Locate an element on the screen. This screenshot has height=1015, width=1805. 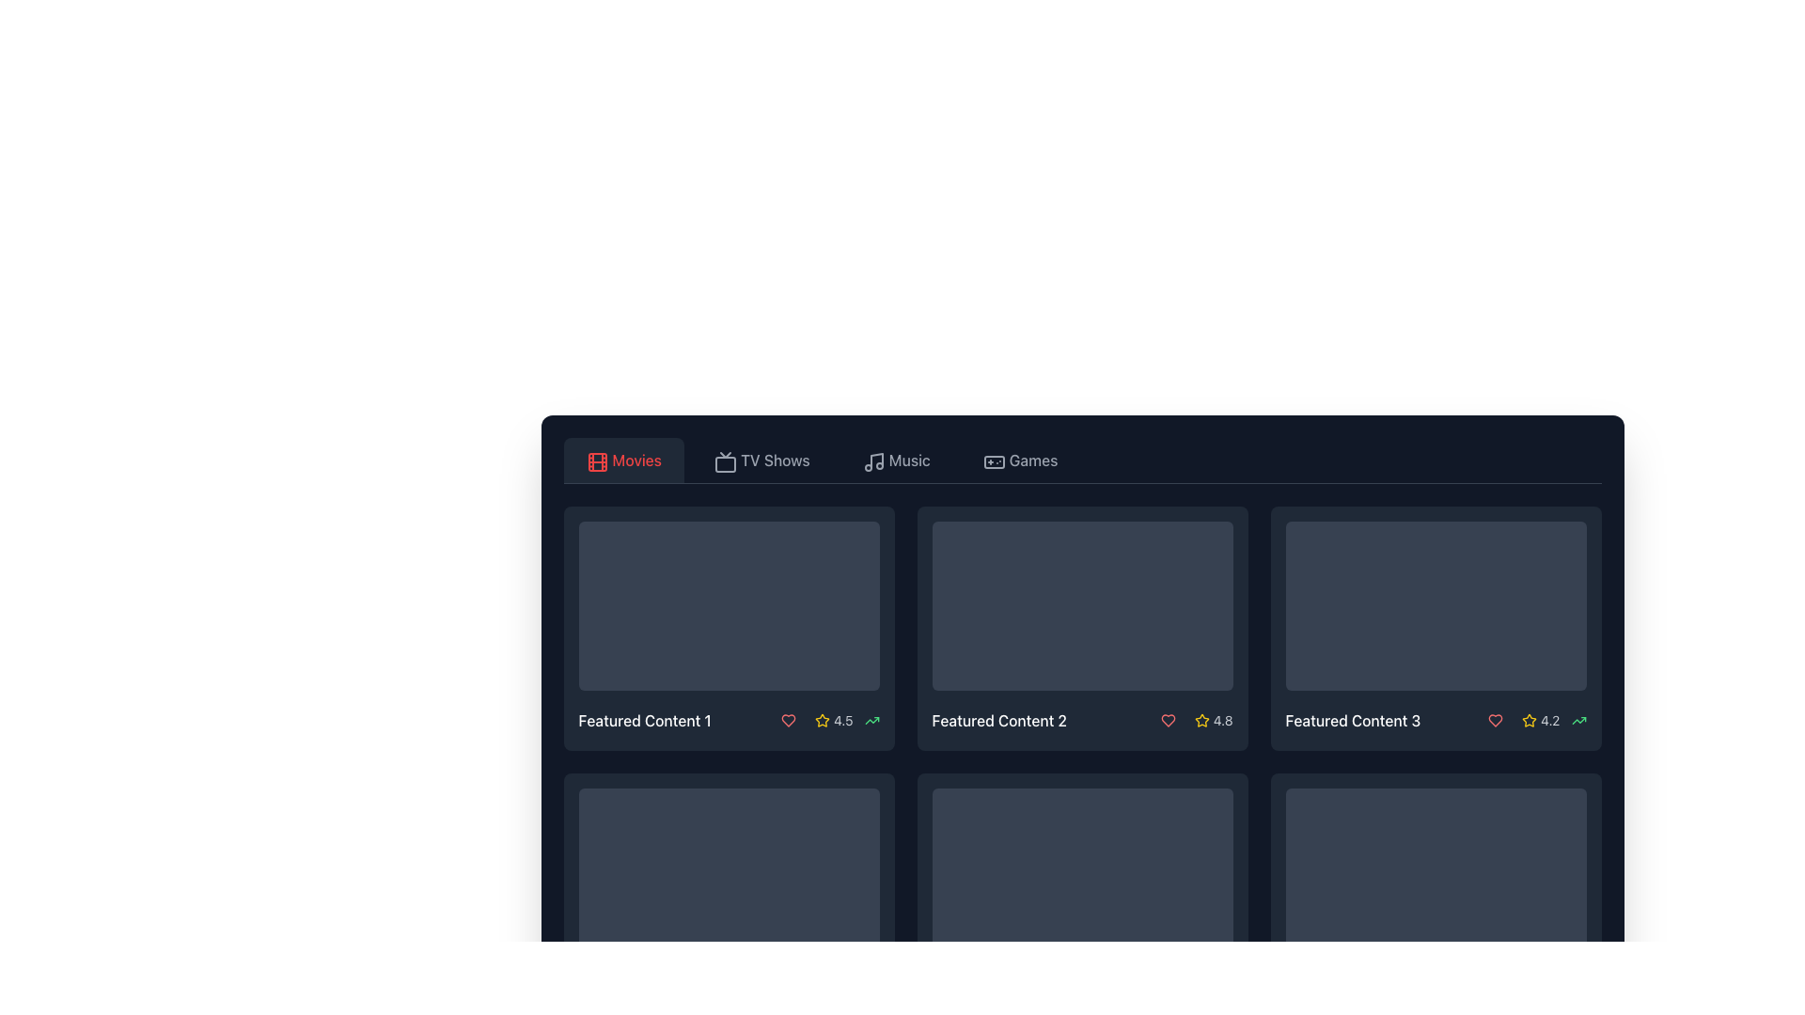
the small green upward trending data icon located at the bottom-right corner of the 'Featured Content 3' card, which follows the star rating icon and is preceded by the text '4.2' is located at coordinates (1578, 720).